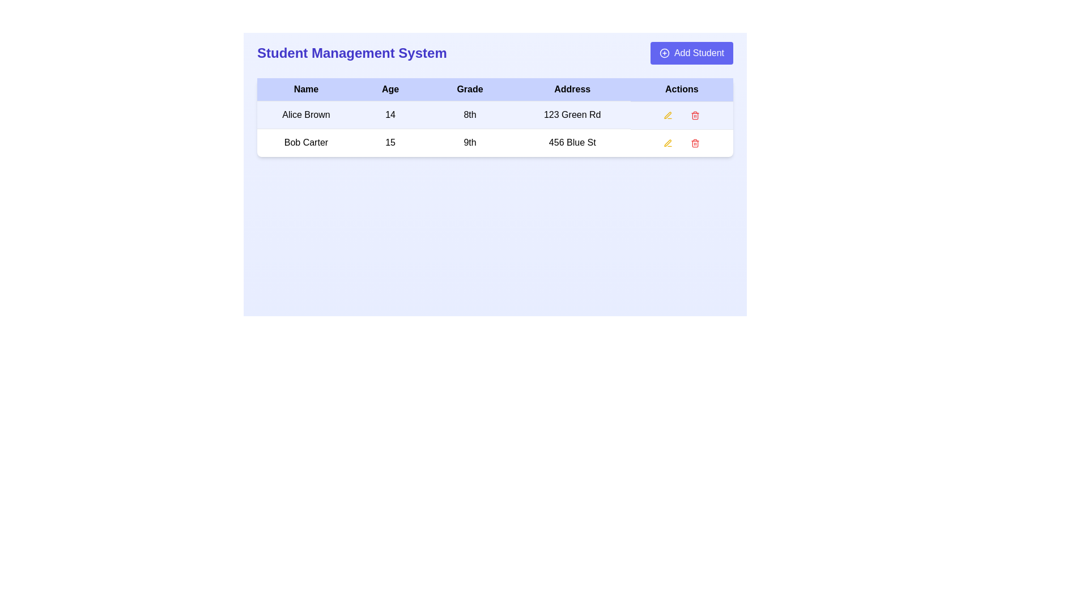 The height and width of the screenshot is (612, 1088). What do you see at coordinates (470, 142) in the screenshot?
I see `the text label displaying '9th' in black font, located in the third column of the second row corresponding to student 'Bob Carter' in the table` at bounding box center [470, 142].